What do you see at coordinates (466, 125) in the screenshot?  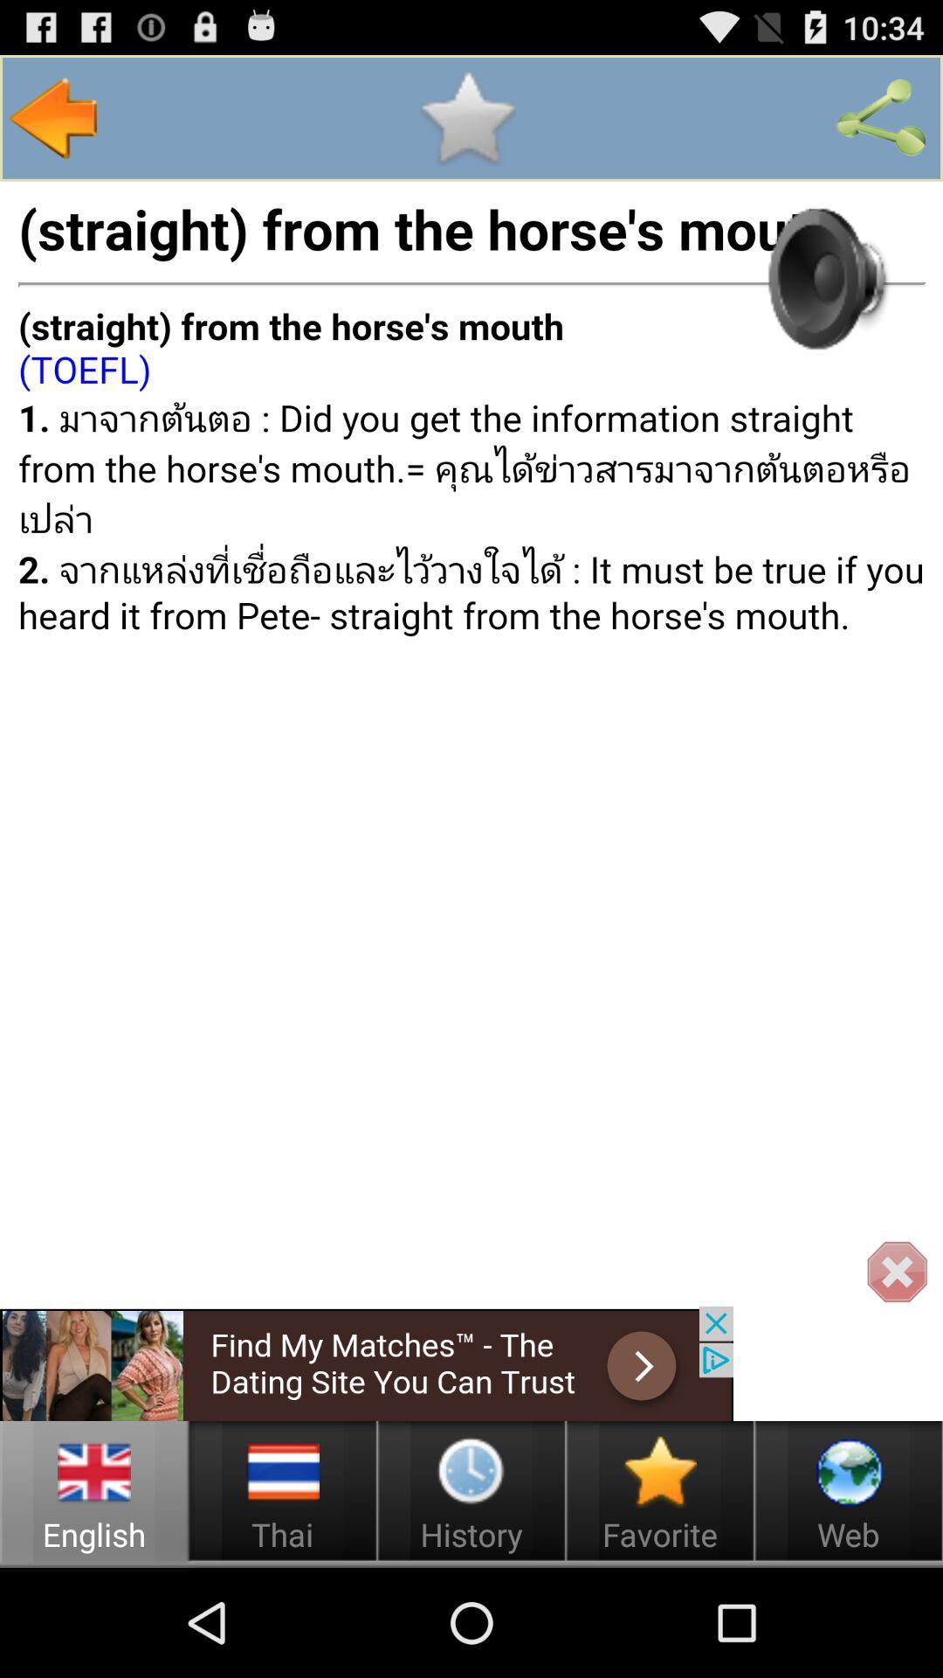 I see `the star icon` at bounding box center [466, 125].